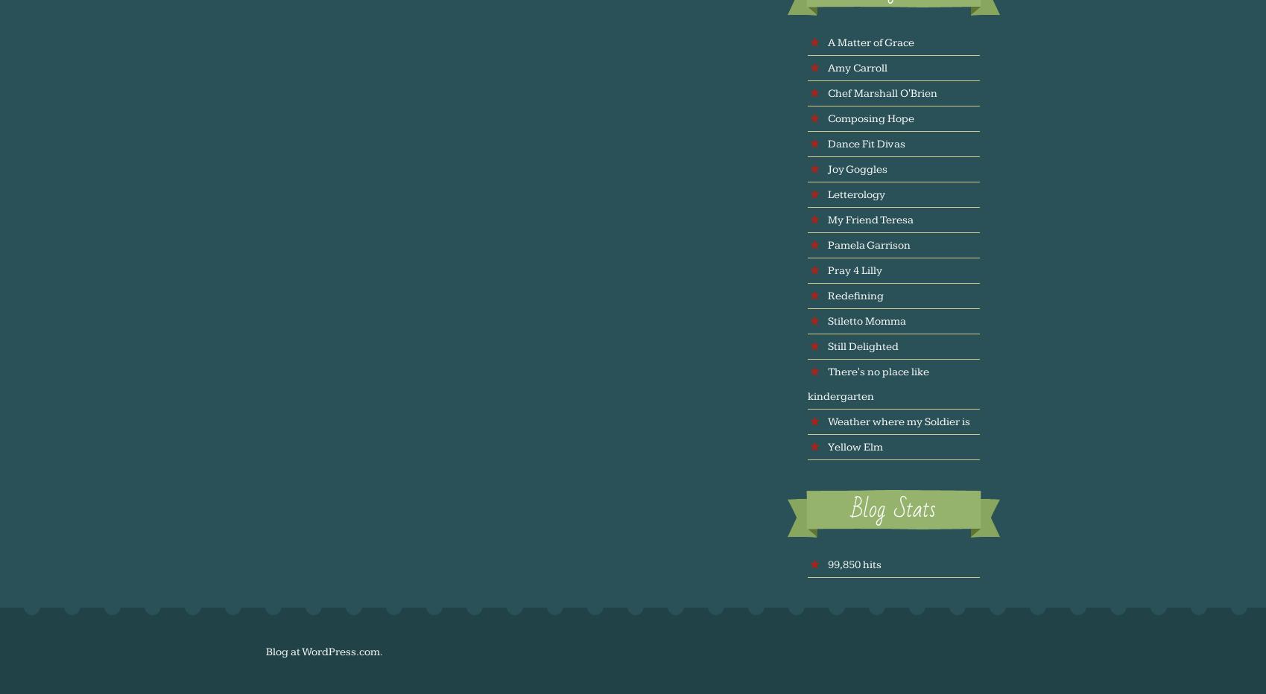  Describe the element at coordinates (866, 143) in the screenshot. I see `'Dance Fit Divas'` at that location.